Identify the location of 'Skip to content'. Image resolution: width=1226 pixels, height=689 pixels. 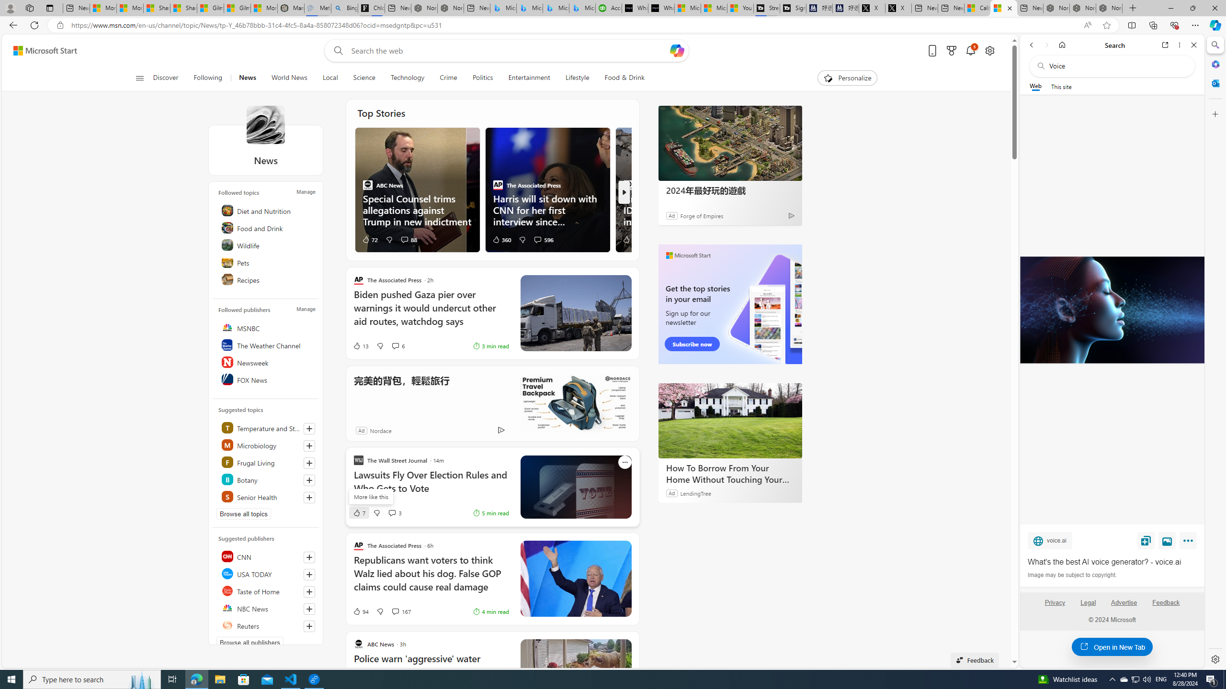
(41, 50).